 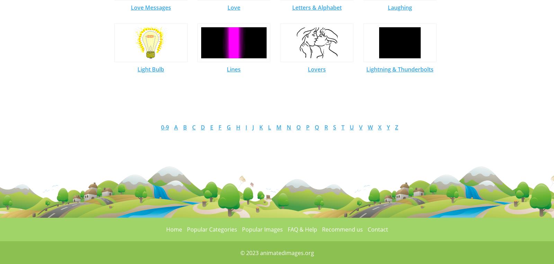 I want to click on 'M', so click(x=276, y=127).